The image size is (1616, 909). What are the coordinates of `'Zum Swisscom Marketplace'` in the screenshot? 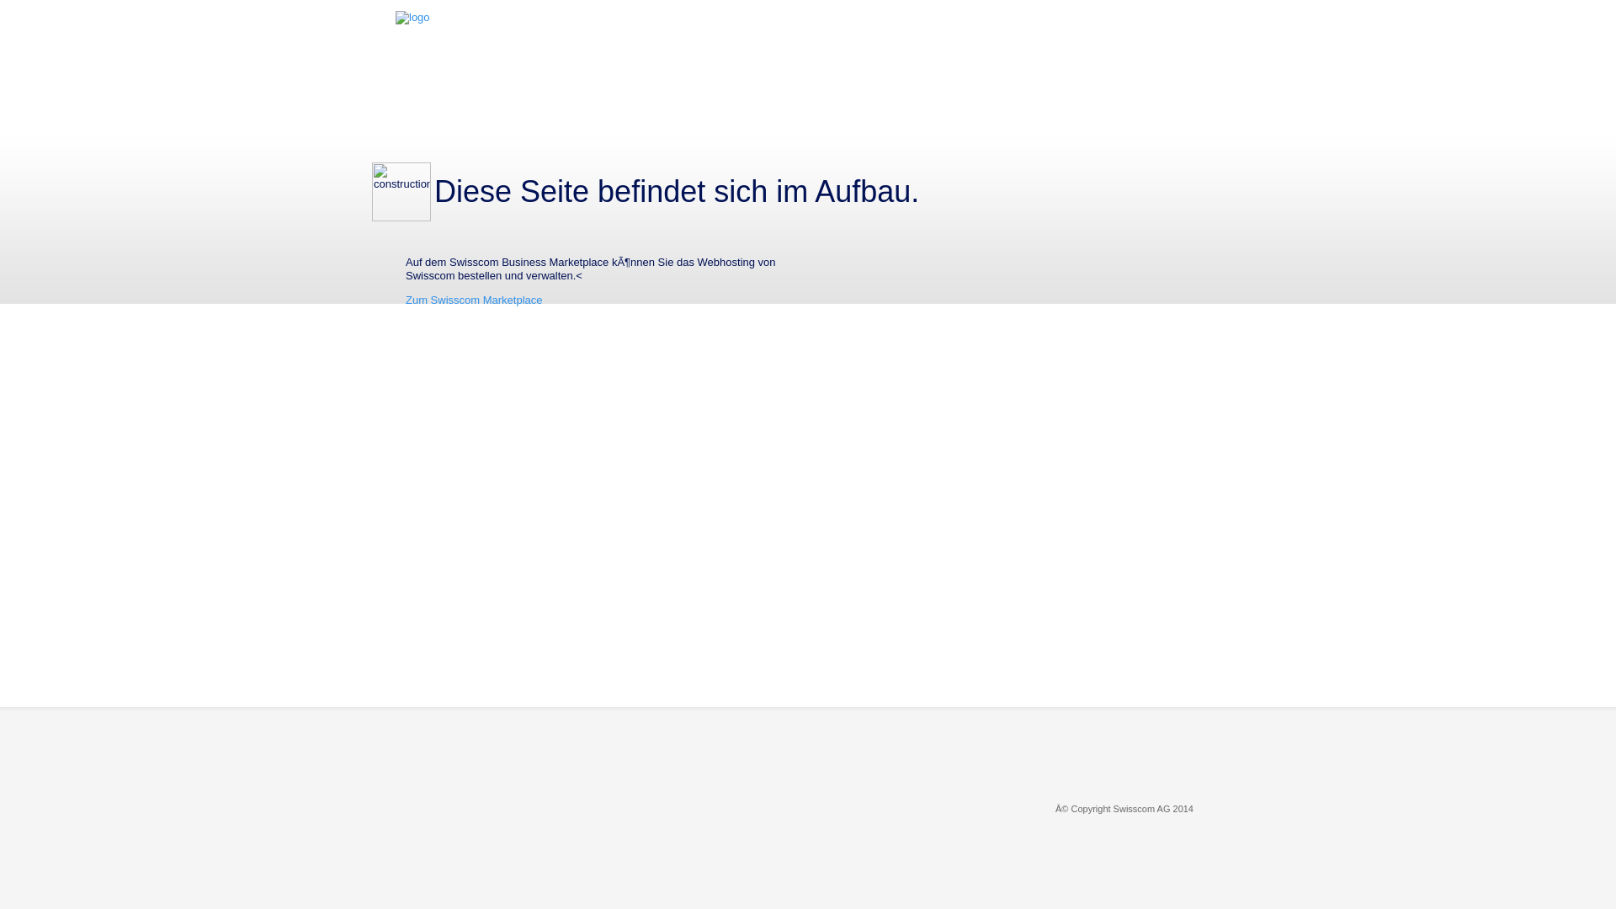 It's located at (473, 299).